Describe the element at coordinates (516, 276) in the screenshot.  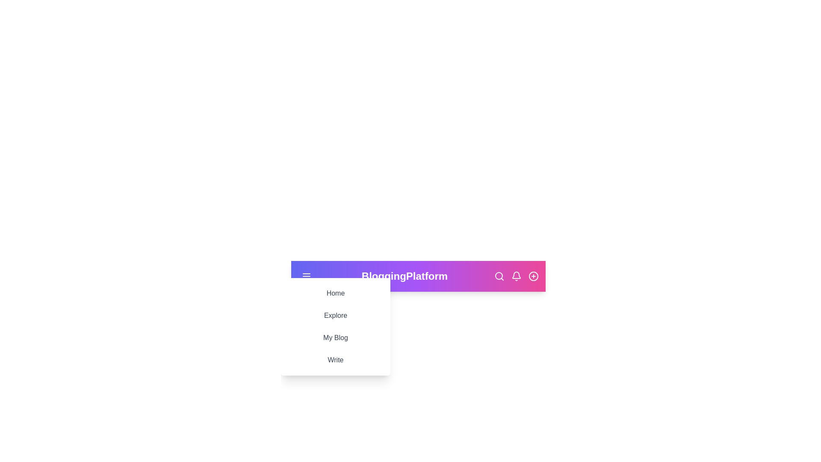
I see `the notification bell icon` at that location.